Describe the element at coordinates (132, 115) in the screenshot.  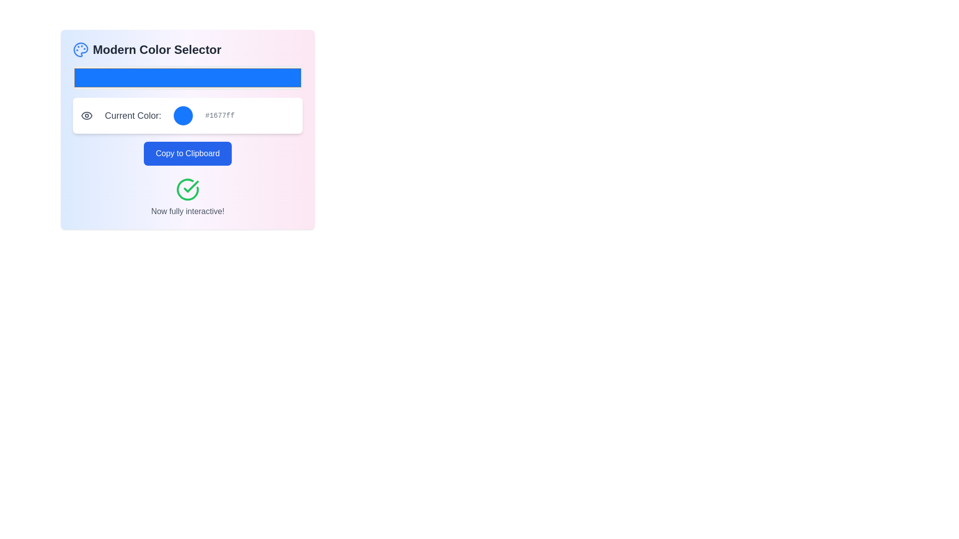
I see `text label that displays 'Current Color:', which is styled in a large gray font and is part of a section showing color details` at that location.